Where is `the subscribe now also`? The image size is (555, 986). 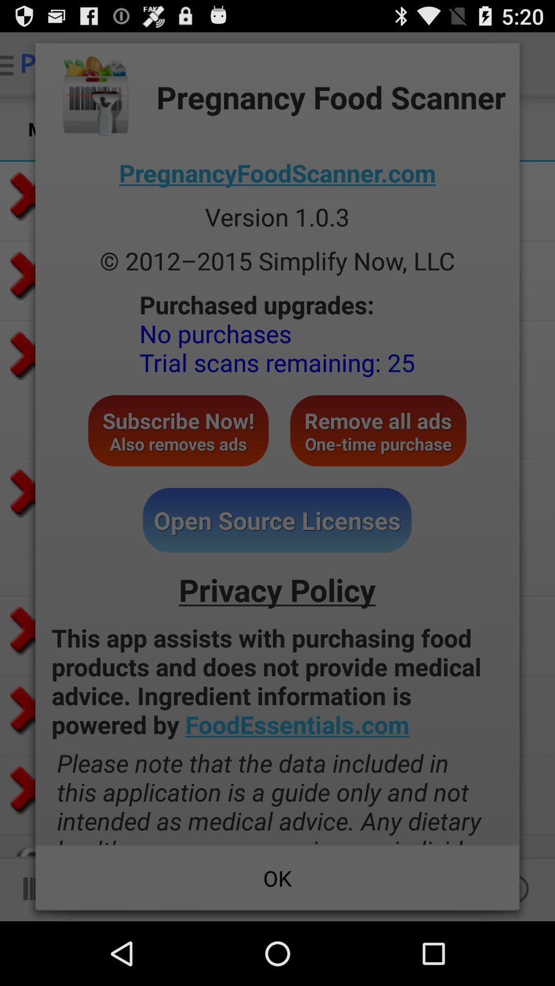
the subscribe now also is located at coordinates (178, 430).